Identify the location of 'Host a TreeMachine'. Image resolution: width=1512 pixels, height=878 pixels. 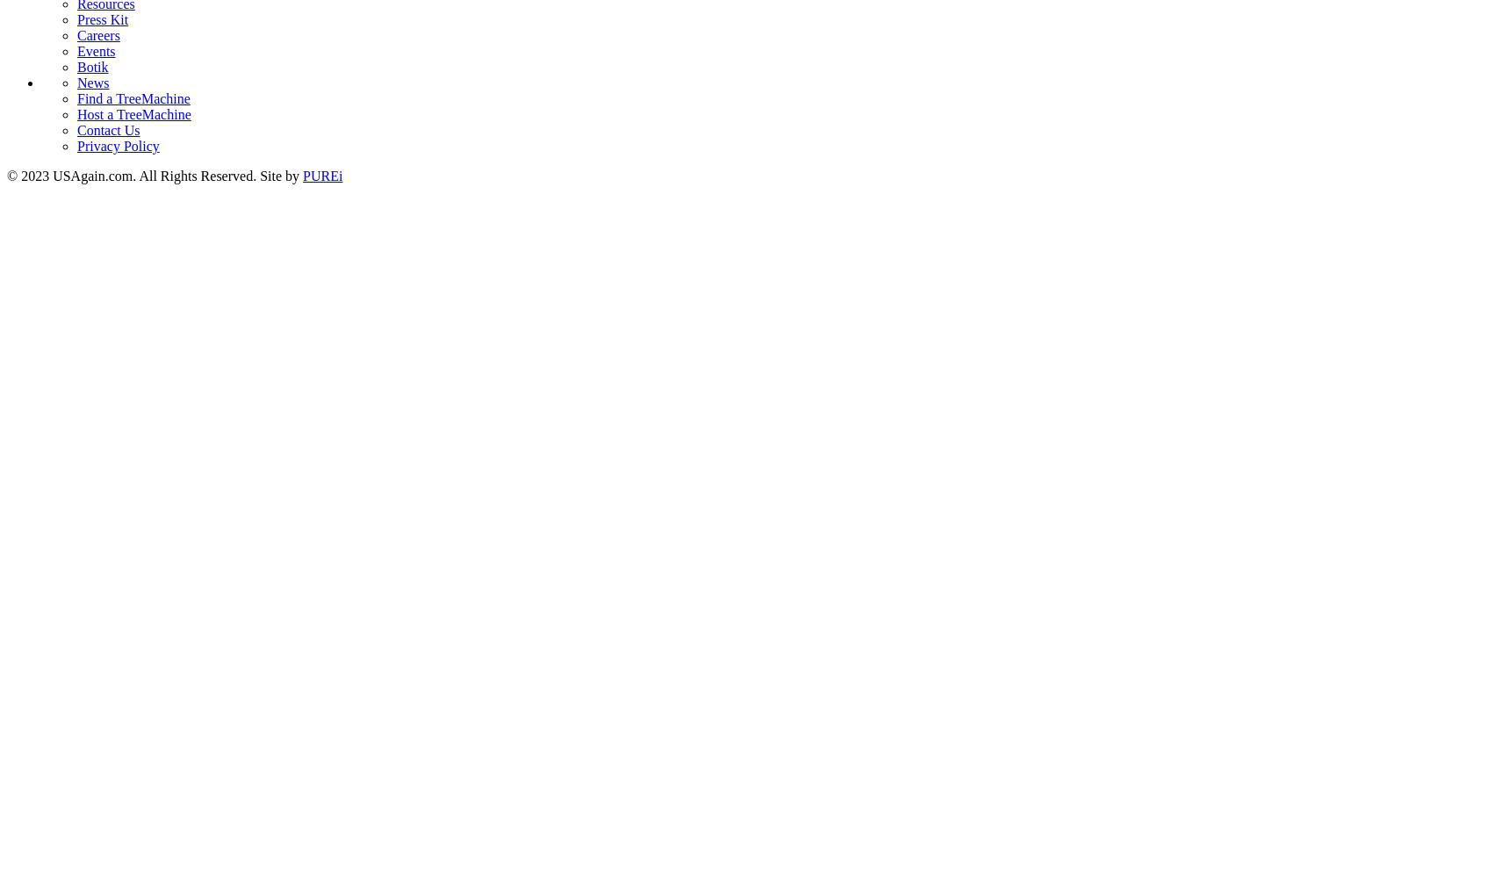
(133, 113).